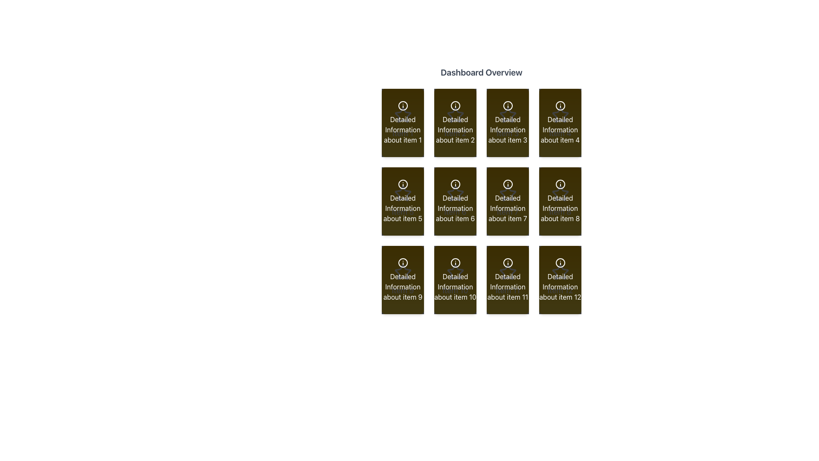  What do you see at coordinates (508, 201) in the screenshot?
I see `the Informational Card that features a gradient background from yellow to white, containing an informational icon and the label 'Detailed Information about item 7', located in the third column of the second row in a grid layout` at bounding box center [508, 201].